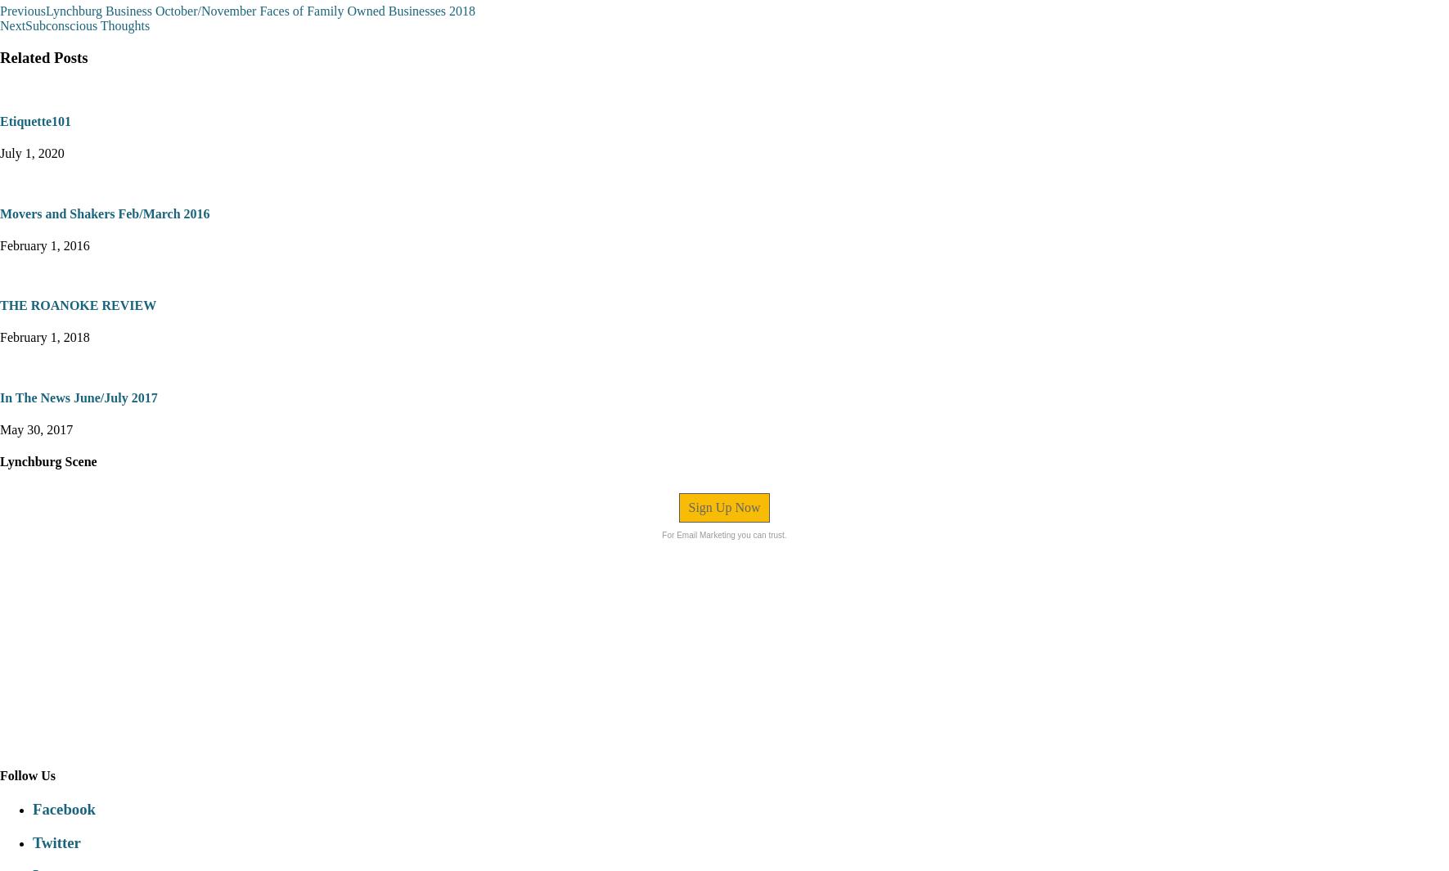  What do you see at coordinates (77, 396) in the screenshot?
I see `'In The News June/July 2017'` at bounding box center [77, 396].